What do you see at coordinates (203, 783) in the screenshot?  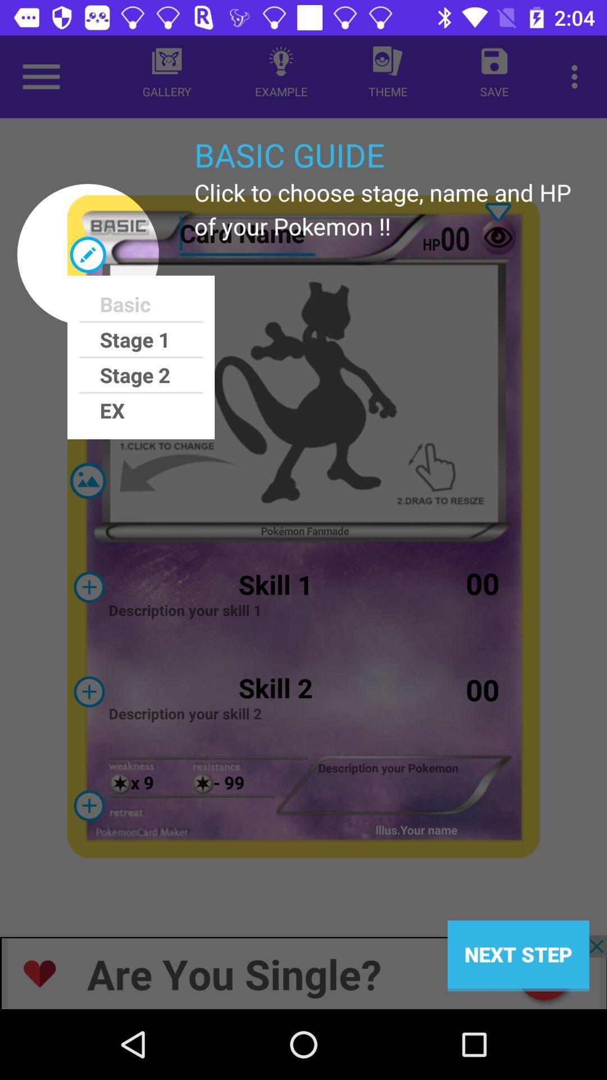 I see `the star icon` at bounding box center [203, 783].